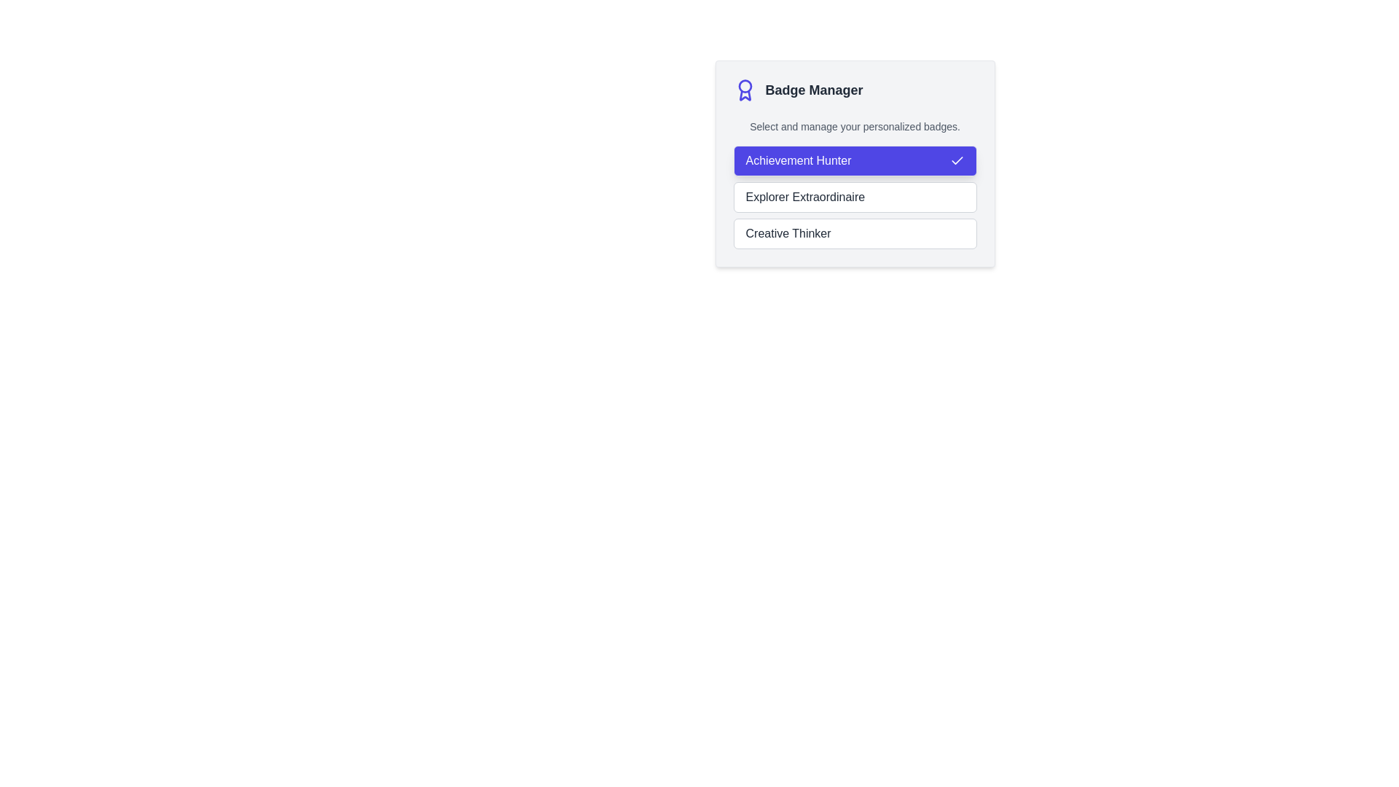 The width and height of the screenshot is (1399, 787). What do you see at coordinates (957, 160) in the screenshot?
I see `the checkmark icon inside the Badge Manager component, which is part of the selected badge row labeled 'Achievement Hunter' with a purple background` at bounding box center [957, 160].